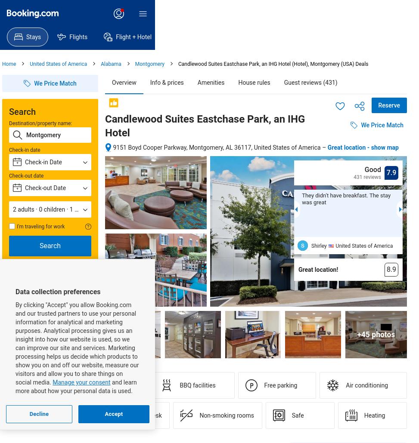 The width and height of the screenshot is (419, 443). I want to click on '431 reviews', so click(353, 177).